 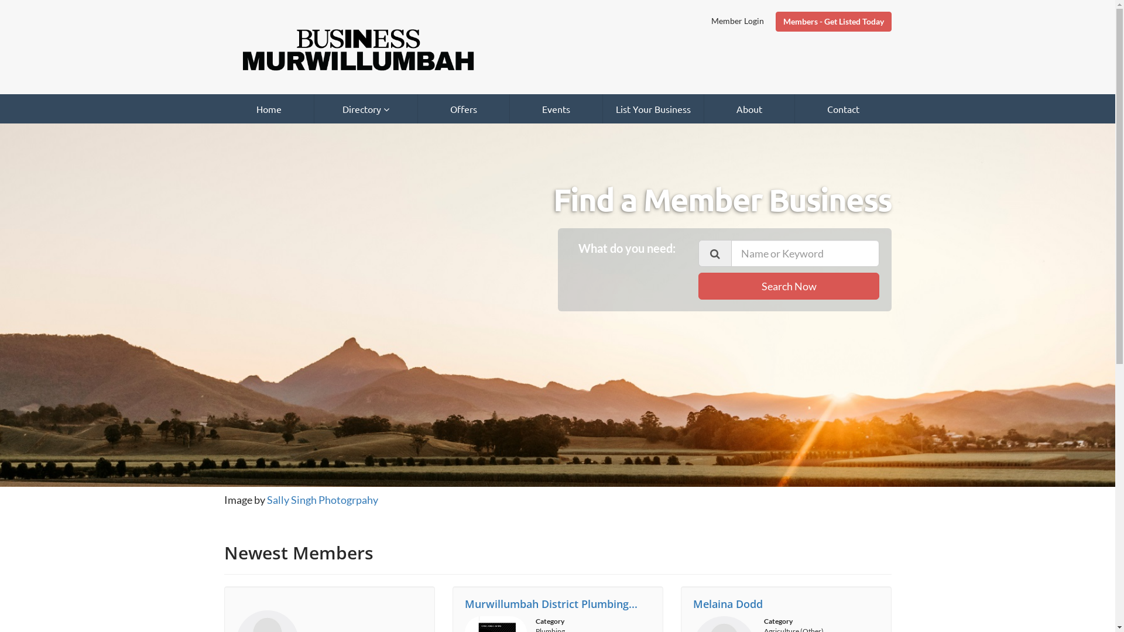 I want to click on 'Events', so click(x=555, y=108).